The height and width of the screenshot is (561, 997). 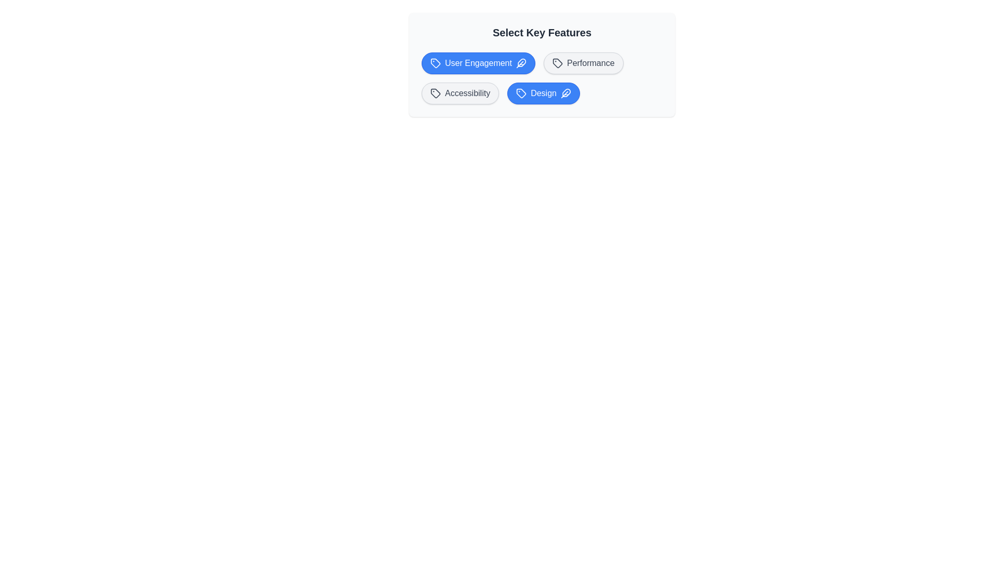 What do you see at coordinates (543, 94) in the screenshot?
I see `the feature button labeled Design` at bounding box center [543, 94].